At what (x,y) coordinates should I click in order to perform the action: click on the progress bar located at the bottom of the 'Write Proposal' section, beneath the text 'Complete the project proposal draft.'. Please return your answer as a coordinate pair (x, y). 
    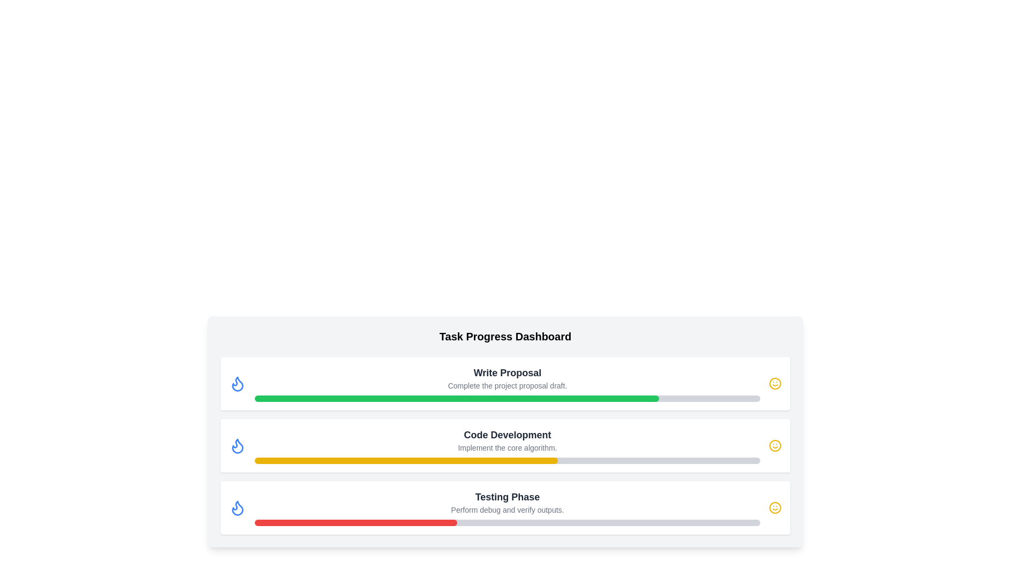
    Looking at the image, I should click on (507, 398).